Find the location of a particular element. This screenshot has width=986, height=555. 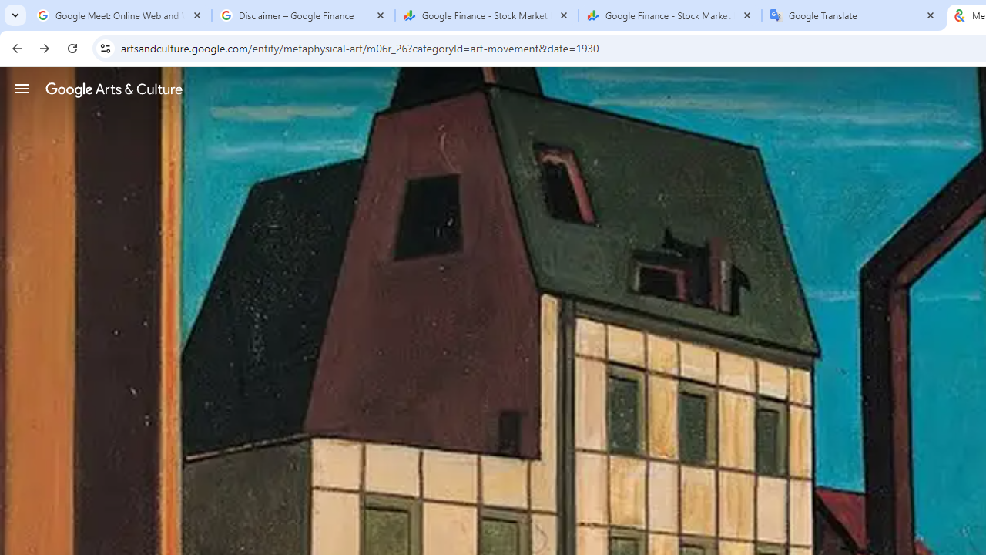

'Menu' is located at coordinates (22, 88).